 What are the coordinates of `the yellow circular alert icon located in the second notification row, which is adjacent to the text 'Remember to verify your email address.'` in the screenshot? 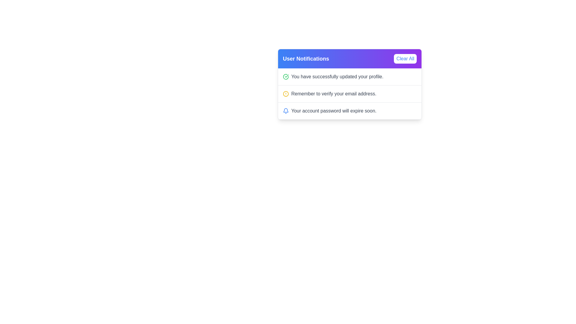 It's located at (286, 94).